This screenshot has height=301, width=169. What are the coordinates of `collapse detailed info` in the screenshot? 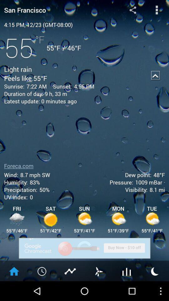 It's located at (155, 75).